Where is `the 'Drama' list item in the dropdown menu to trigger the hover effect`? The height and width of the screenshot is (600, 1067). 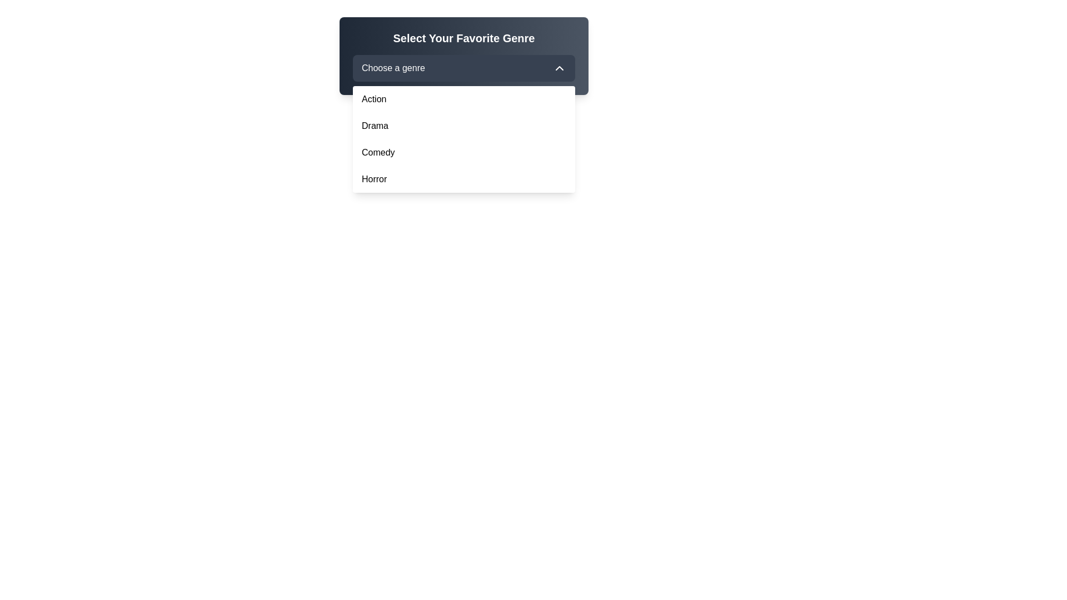 the 'Drama' list item in the dropdown menu to trigger the hover effect is located at coordinates (464, 126).